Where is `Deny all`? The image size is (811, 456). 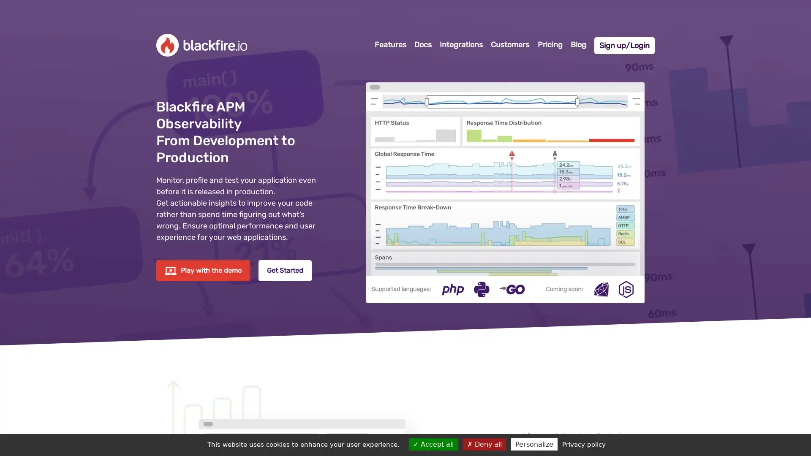
Deny all is located at coordinates (484, 444).